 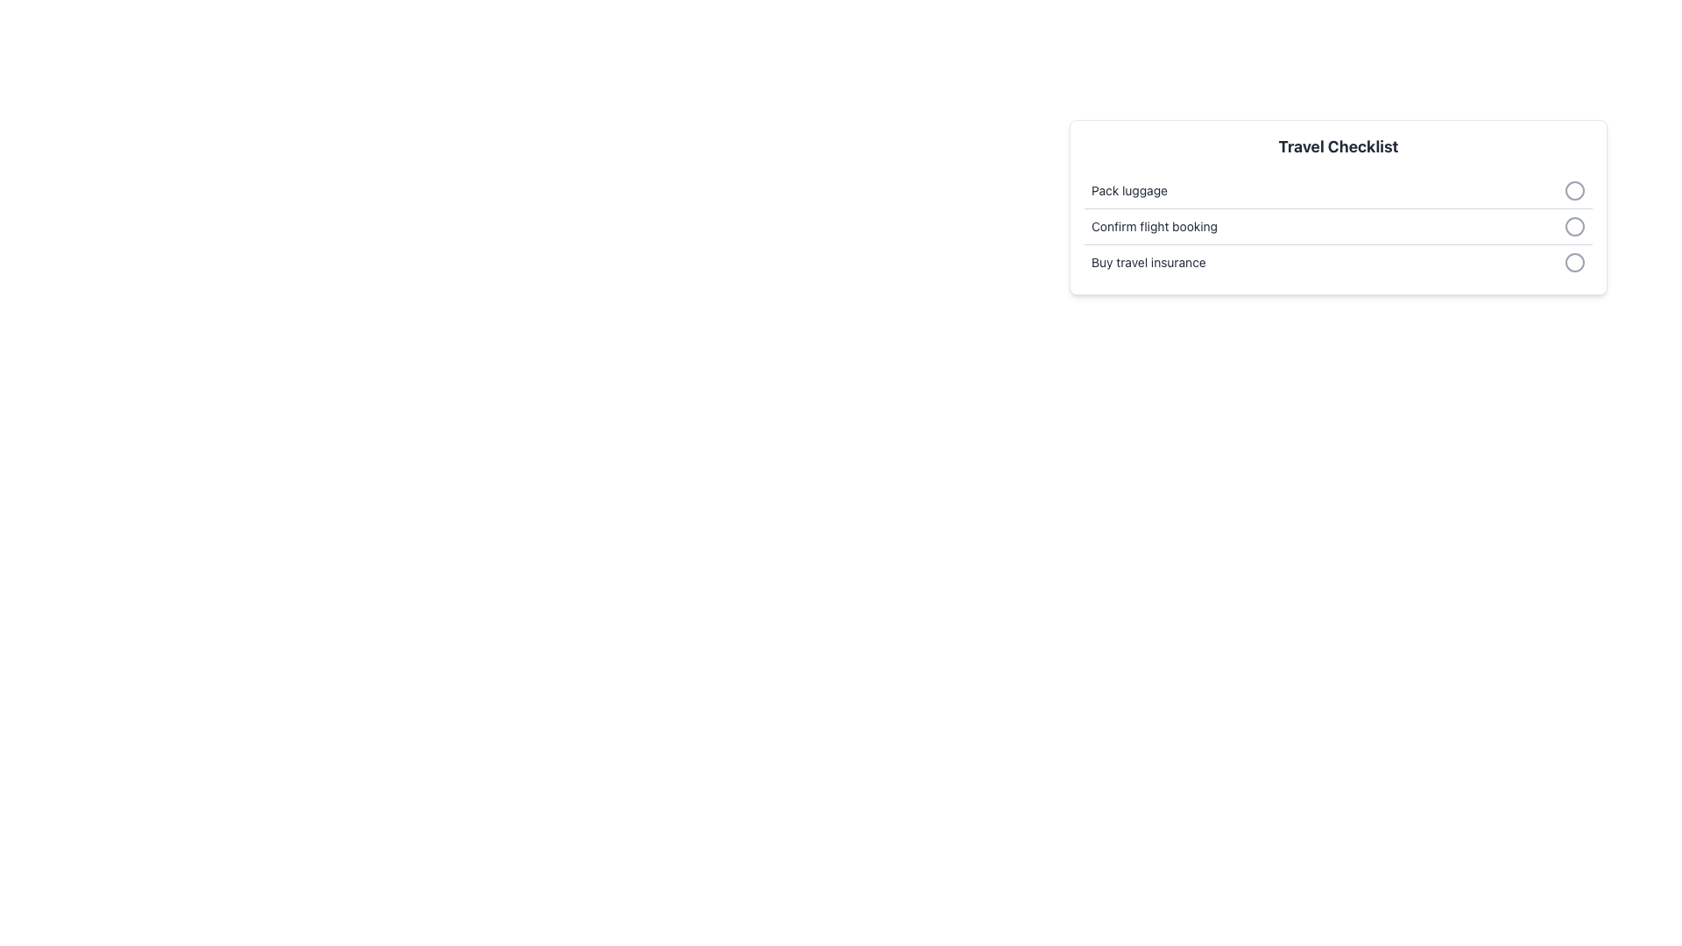 I want to click on the circular SVG shape with a gray border, which is the inner circle of the toggle located next to the text 'Confirm flight booking' in the checklist interface, so click(x=1575, y=225).